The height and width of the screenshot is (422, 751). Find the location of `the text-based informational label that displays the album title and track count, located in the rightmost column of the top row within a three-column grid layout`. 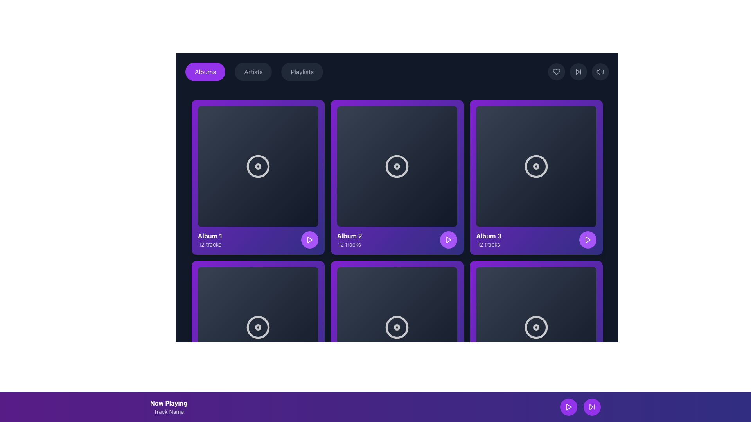

the text-based informational label that displays the album title and track count, located in the rightmost column of the top row within a three-column grid layout is located at coordinates (488, 239).